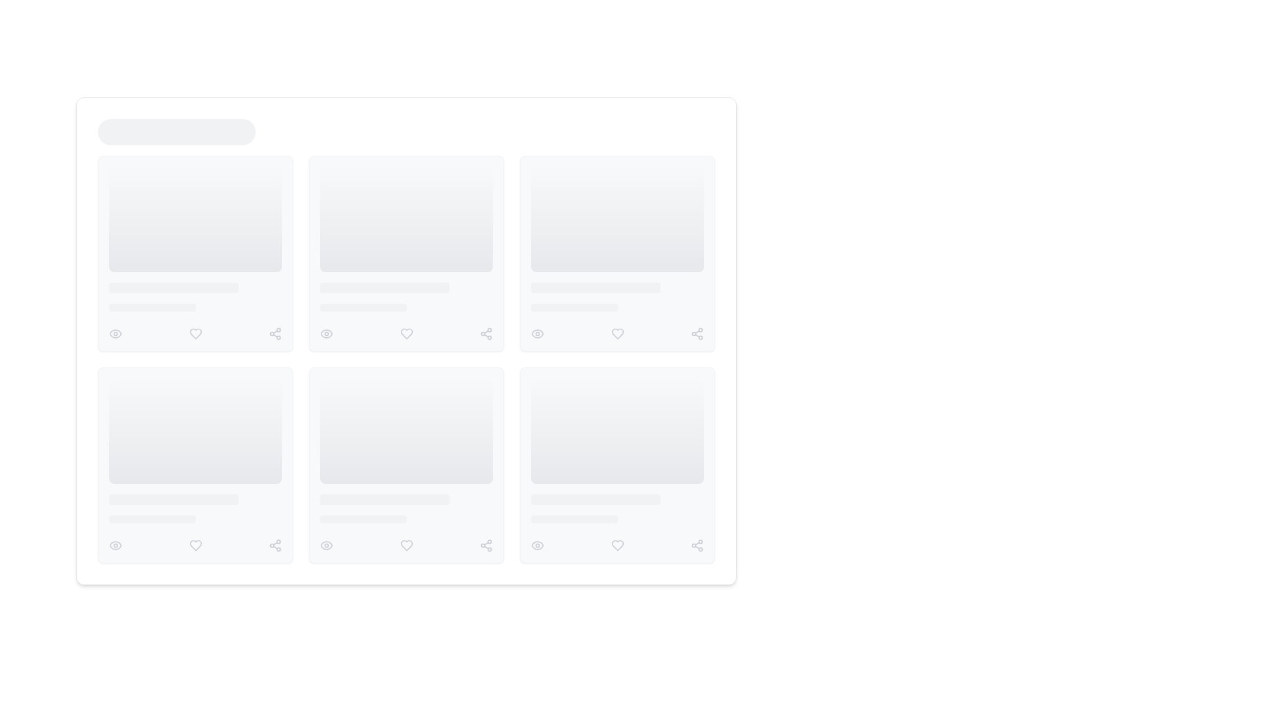  Describe the element at coordinates (617, 465) in the screenshot. I see `the last card in the grid layout, which displays media content and interactive actions` at that location.